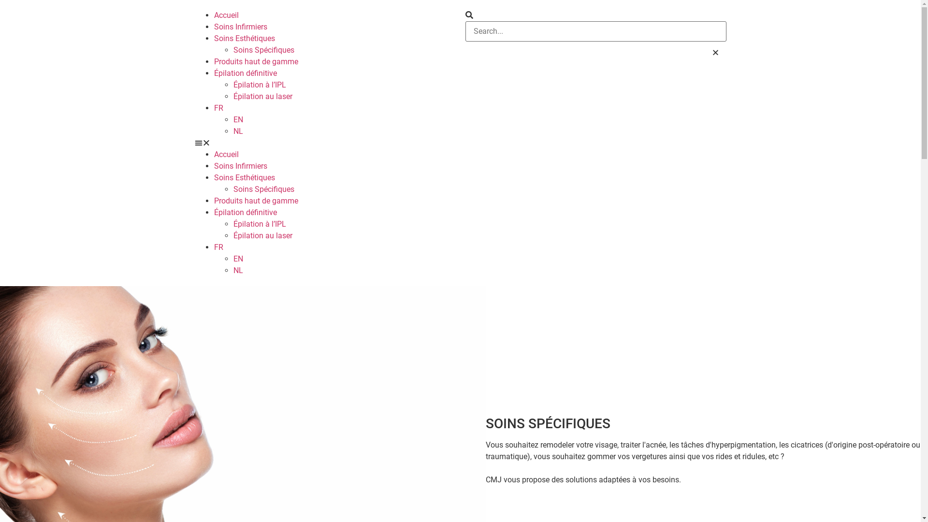 This screenshot has width=928, height=522. Describe the element at coordinates (237, 119) in the screenshot. I see `'EN'` at that location.